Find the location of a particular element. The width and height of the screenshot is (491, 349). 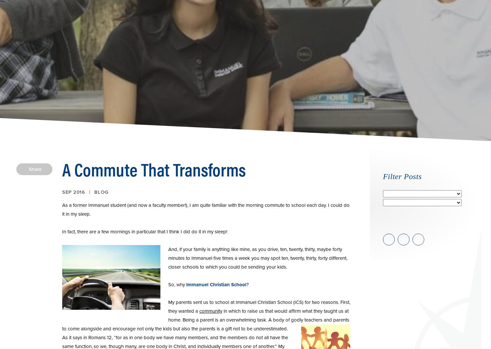

'In fact, there are a few mornings in particular that I think I did do it in my sleep!' is located at coordinates (144, 232).